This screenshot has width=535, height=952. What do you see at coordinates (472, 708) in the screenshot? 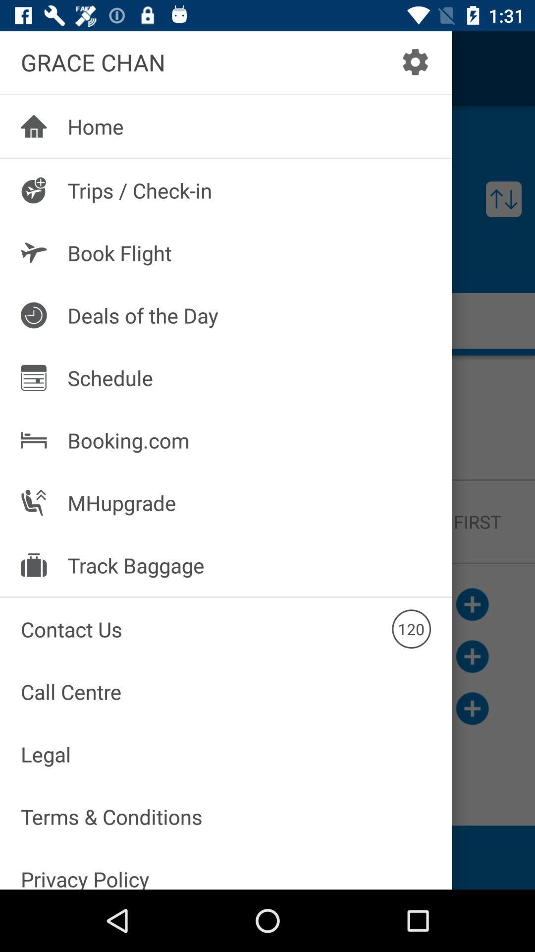
I see `the add icon` at bounding box center [472, 708].